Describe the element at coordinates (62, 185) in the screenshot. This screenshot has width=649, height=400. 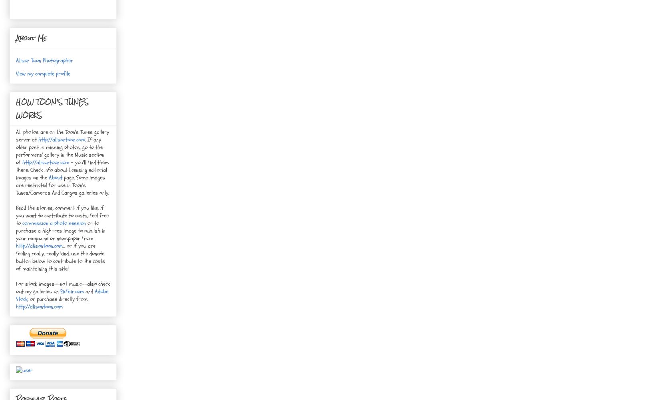
I see `'page. Some images are restricted for use in Toon's Tunes/Cameras And Cargos galleries only.'` at that location.